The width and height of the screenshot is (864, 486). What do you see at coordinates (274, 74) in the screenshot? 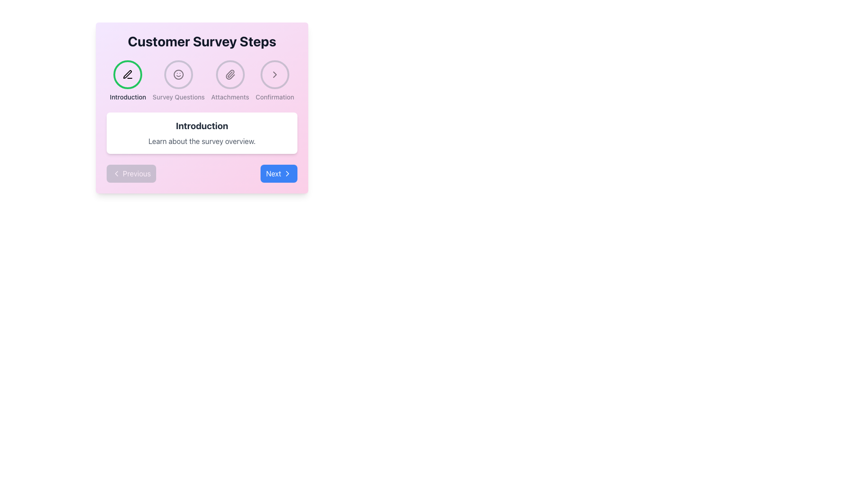
I see `the 'Confirmation' step indicator button in the survey wizard navigation, located at the rightmost side of the top navigation steps` at bounding box center [274, 74].